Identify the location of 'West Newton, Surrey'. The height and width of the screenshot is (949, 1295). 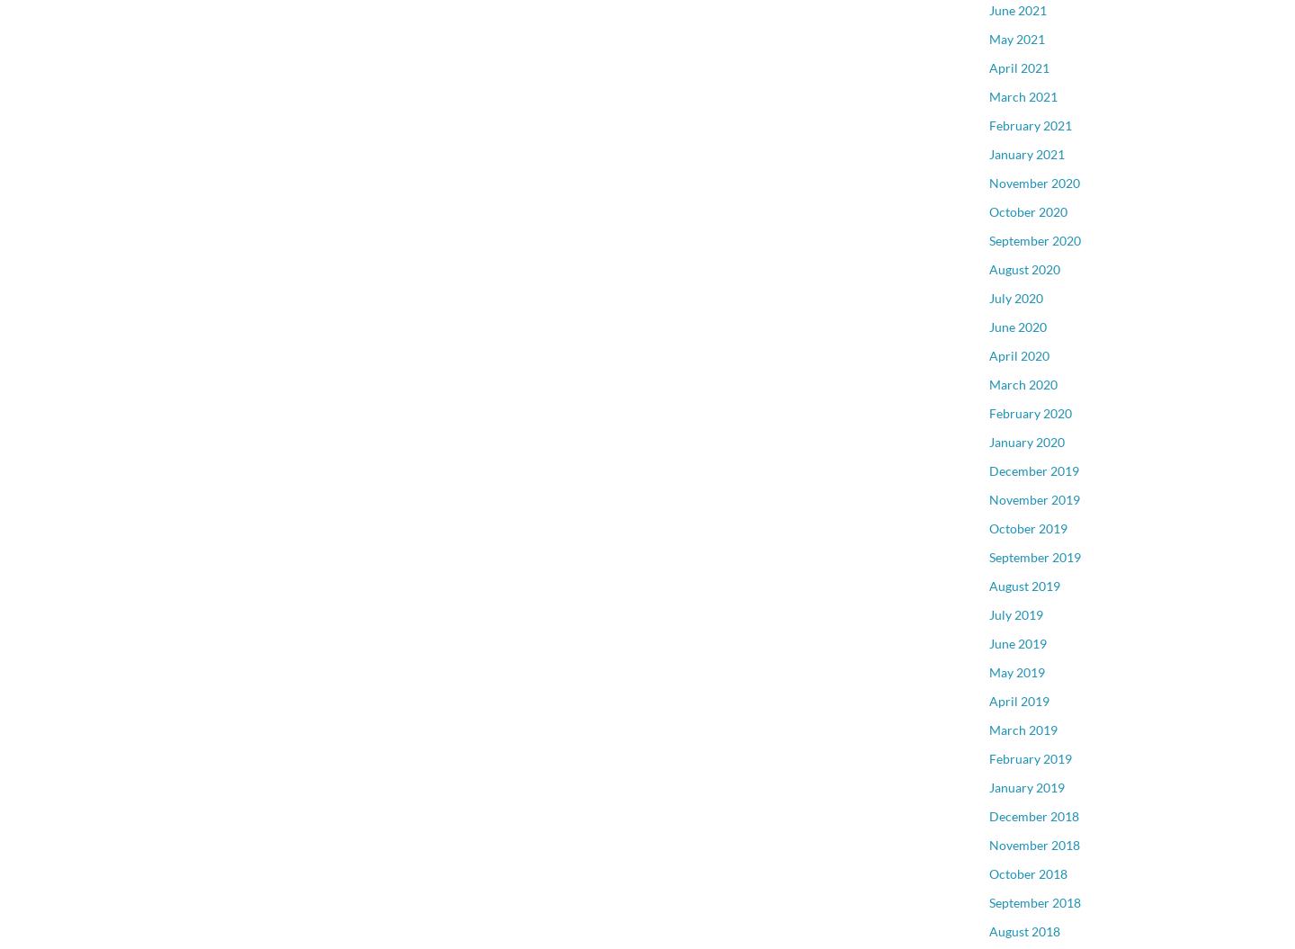
(1048, 407).